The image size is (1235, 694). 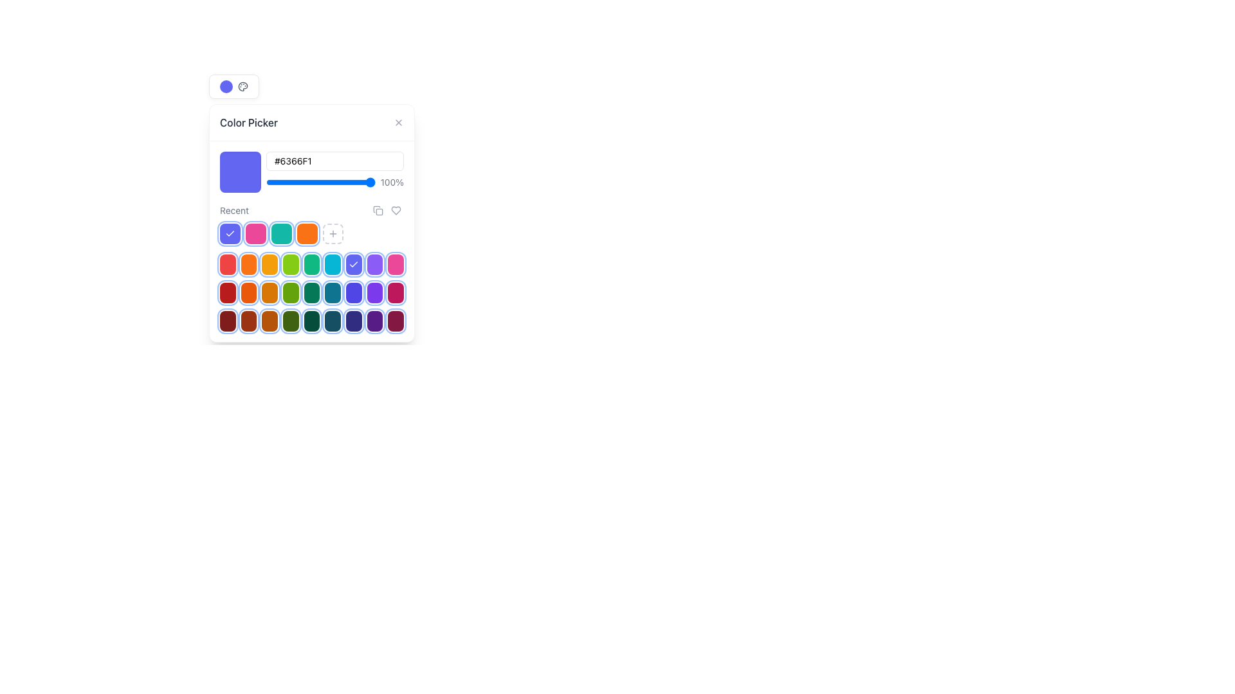 I want to click on the square button with rounded corners and a purple background, which is the ninth button from the left in its row within the color picker interface, so click(x=374, y=264).